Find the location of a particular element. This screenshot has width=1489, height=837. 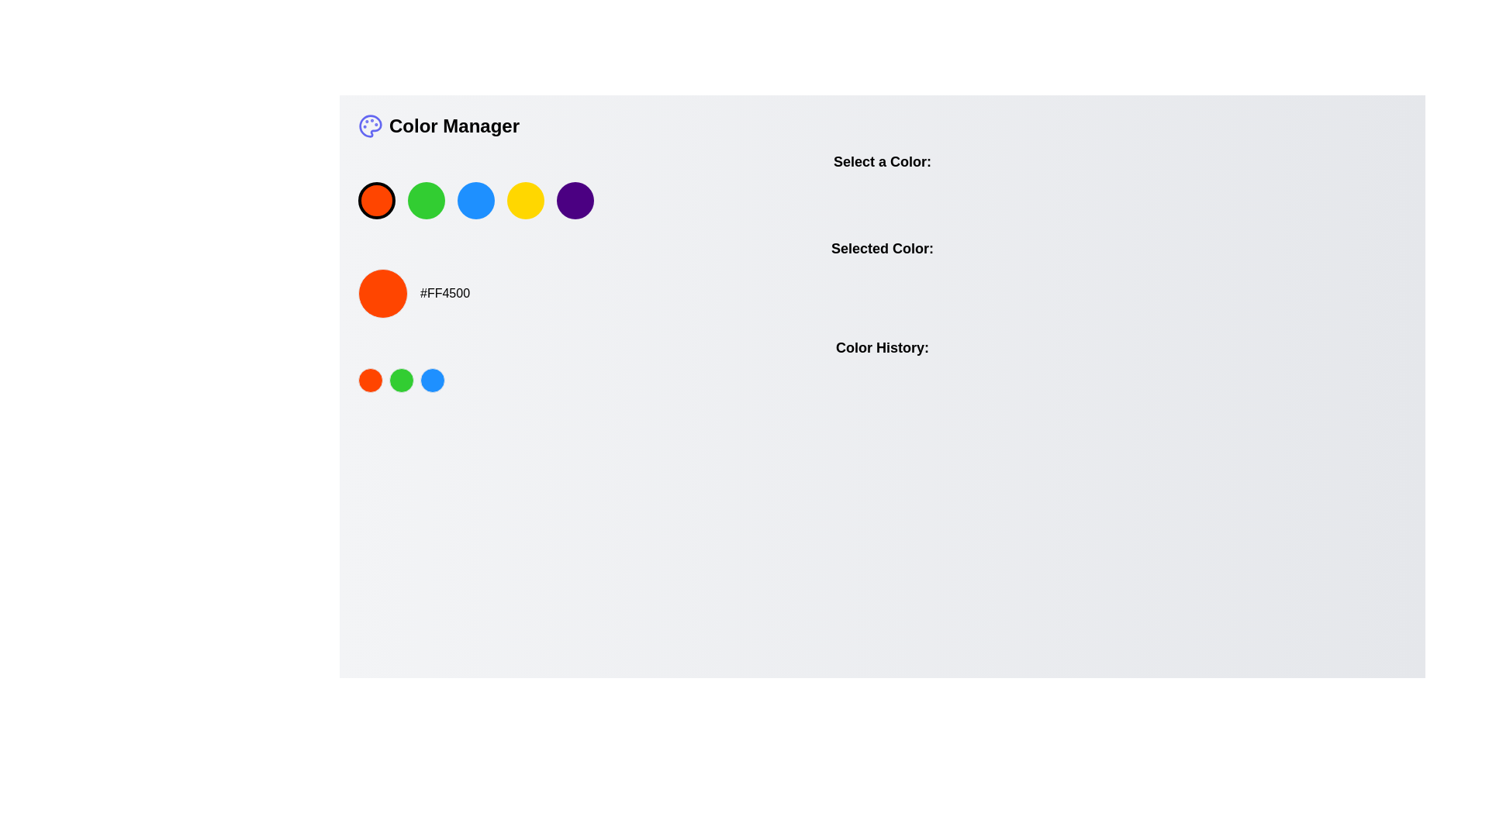

the Static Text Label that introduces the purpose of the section, prompting users to choose one of the displayed color options, positioned at the top center above the circular color swatches is located at coordinates (882, 161).